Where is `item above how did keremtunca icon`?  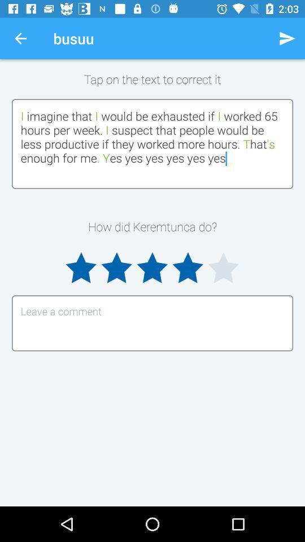
item above how did keremtunca icon is located at coordinates (152, 143).